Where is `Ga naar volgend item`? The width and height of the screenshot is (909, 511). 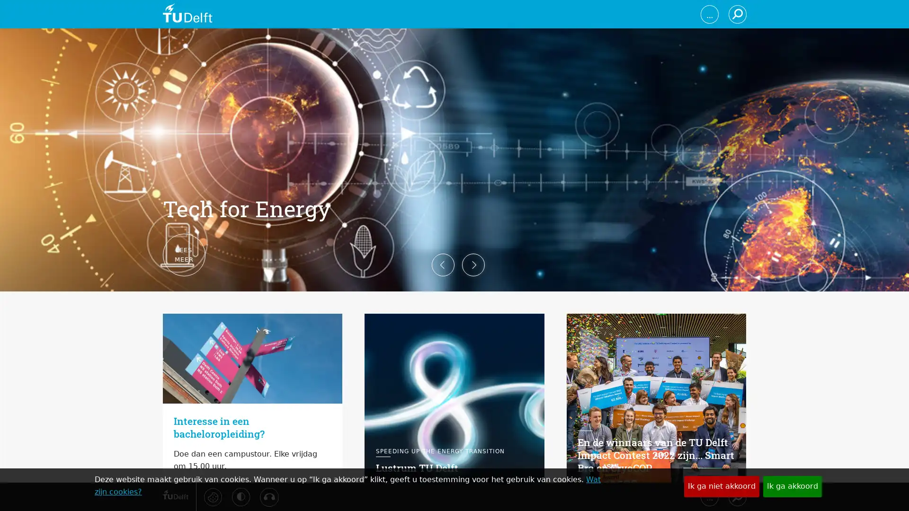
Ga naar volgend item is located at coordinates (761, 255).